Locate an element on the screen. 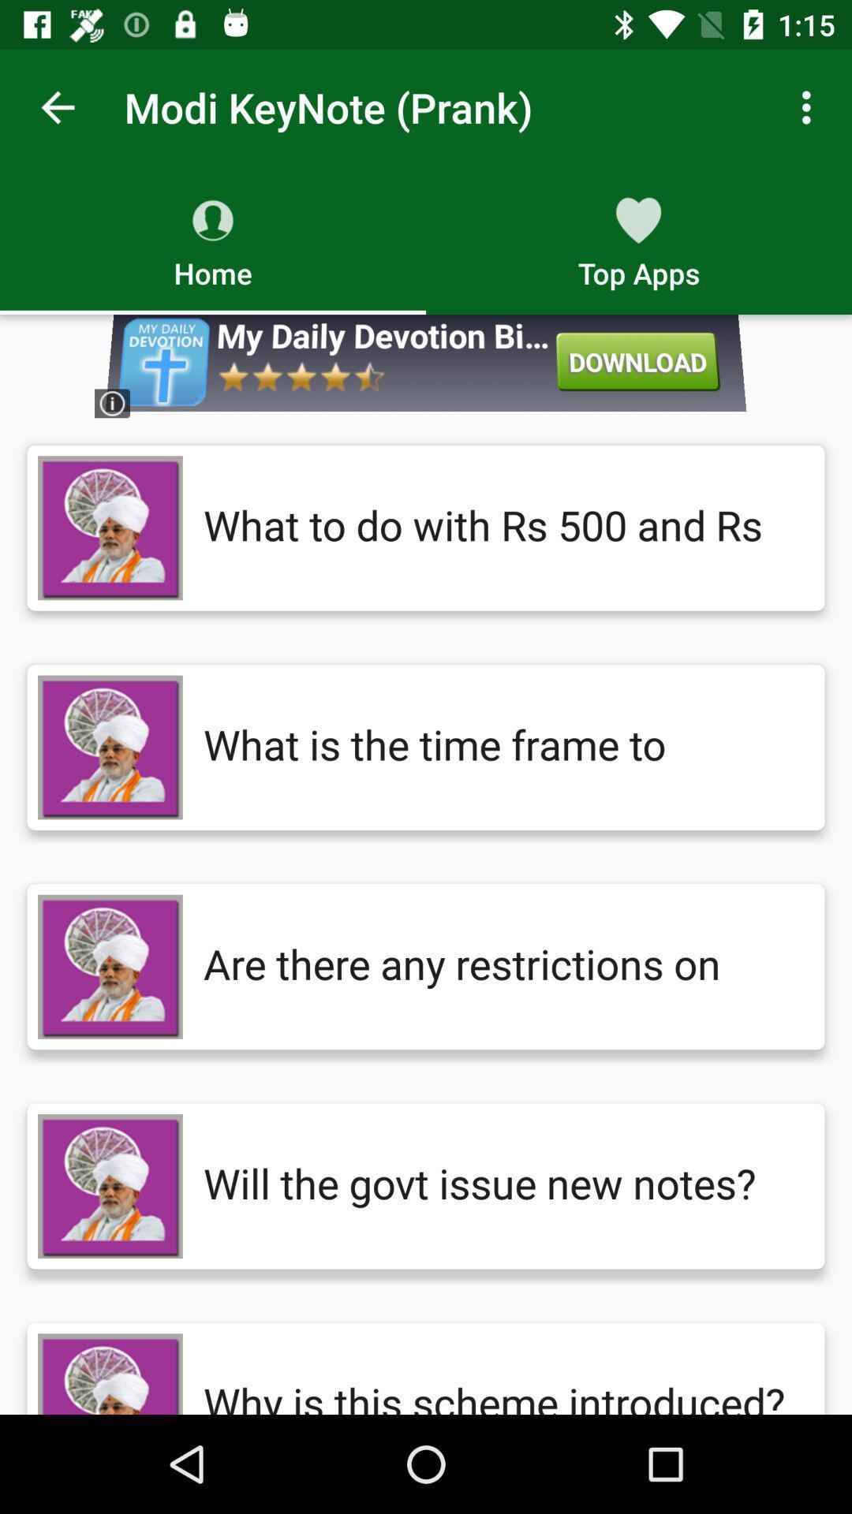 This screenshot has height=1514, width=852. the are there any icon is located at coordinates (498, 966).